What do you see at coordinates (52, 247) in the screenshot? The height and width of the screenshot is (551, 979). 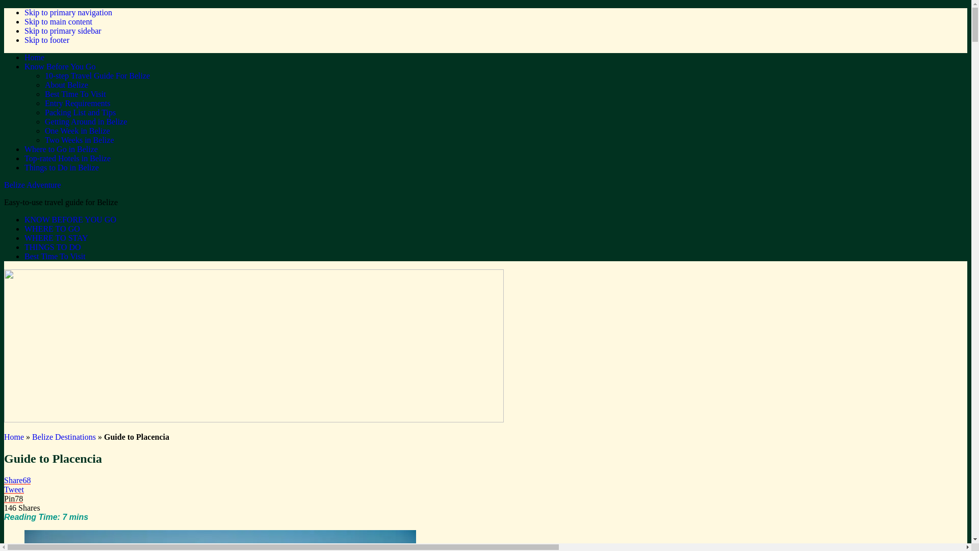 I see `'THINGS TO DO'` at bounding box center [52, 247].